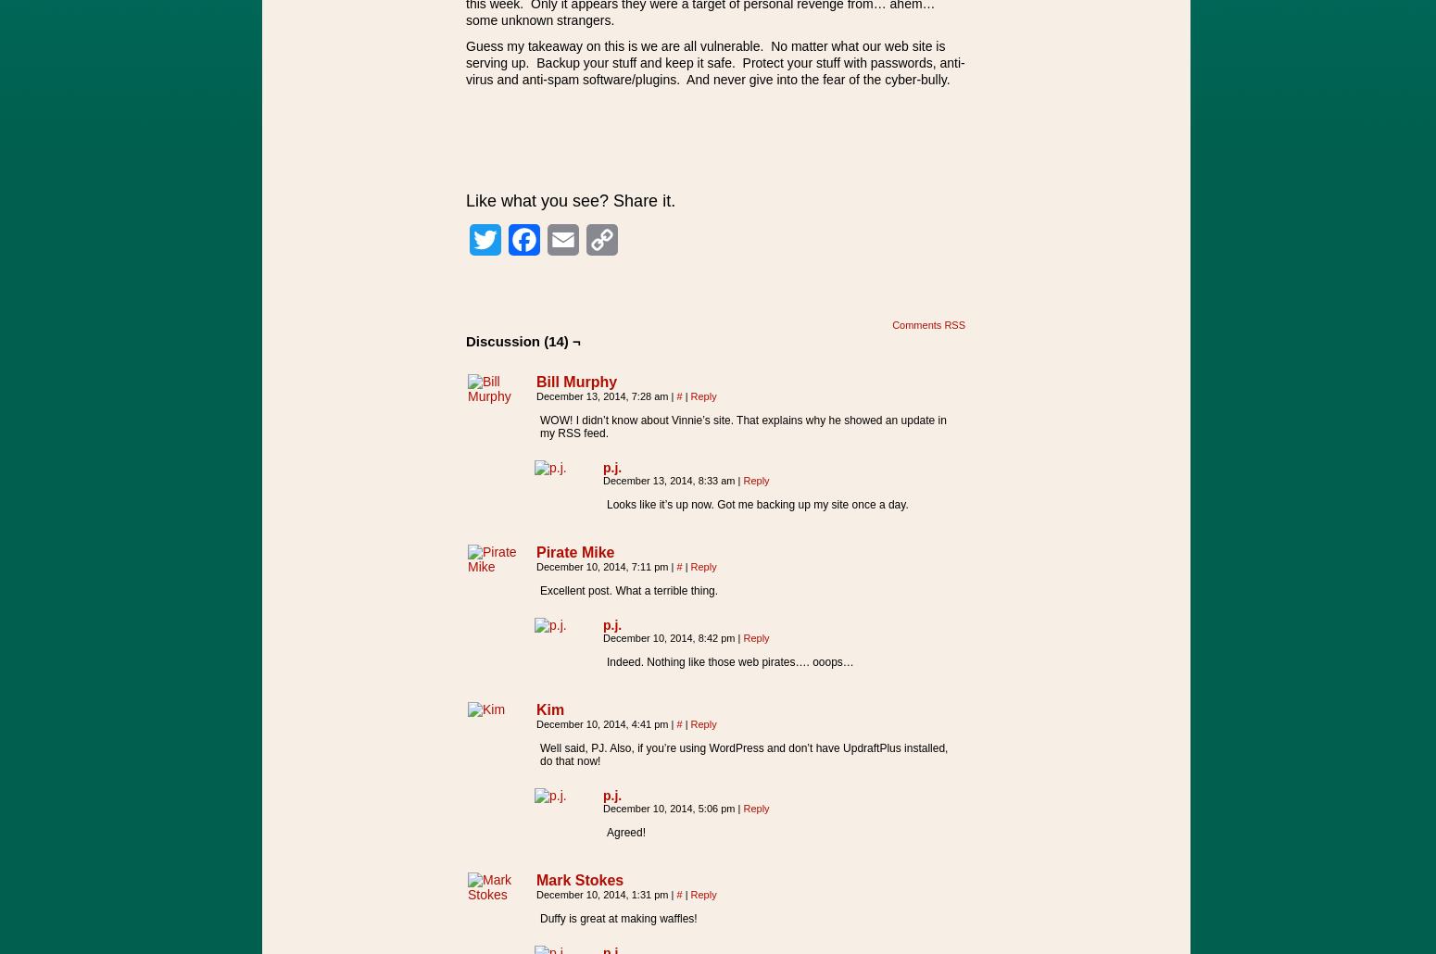 This screenshot has height=954, width=1436. What do you see at coordinates (535, 894) in the screenshot?
I see `'December 10, 2014, 1:31 pm'` at bounding box center [535, 894].